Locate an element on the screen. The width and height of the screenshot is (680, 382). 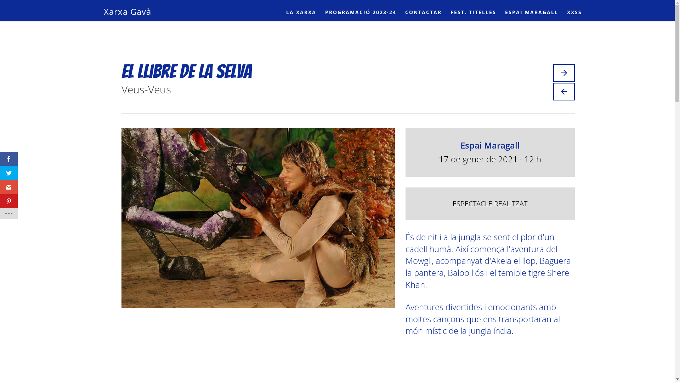
'EL REI DE CASA' is located at coordinates (563, 73).